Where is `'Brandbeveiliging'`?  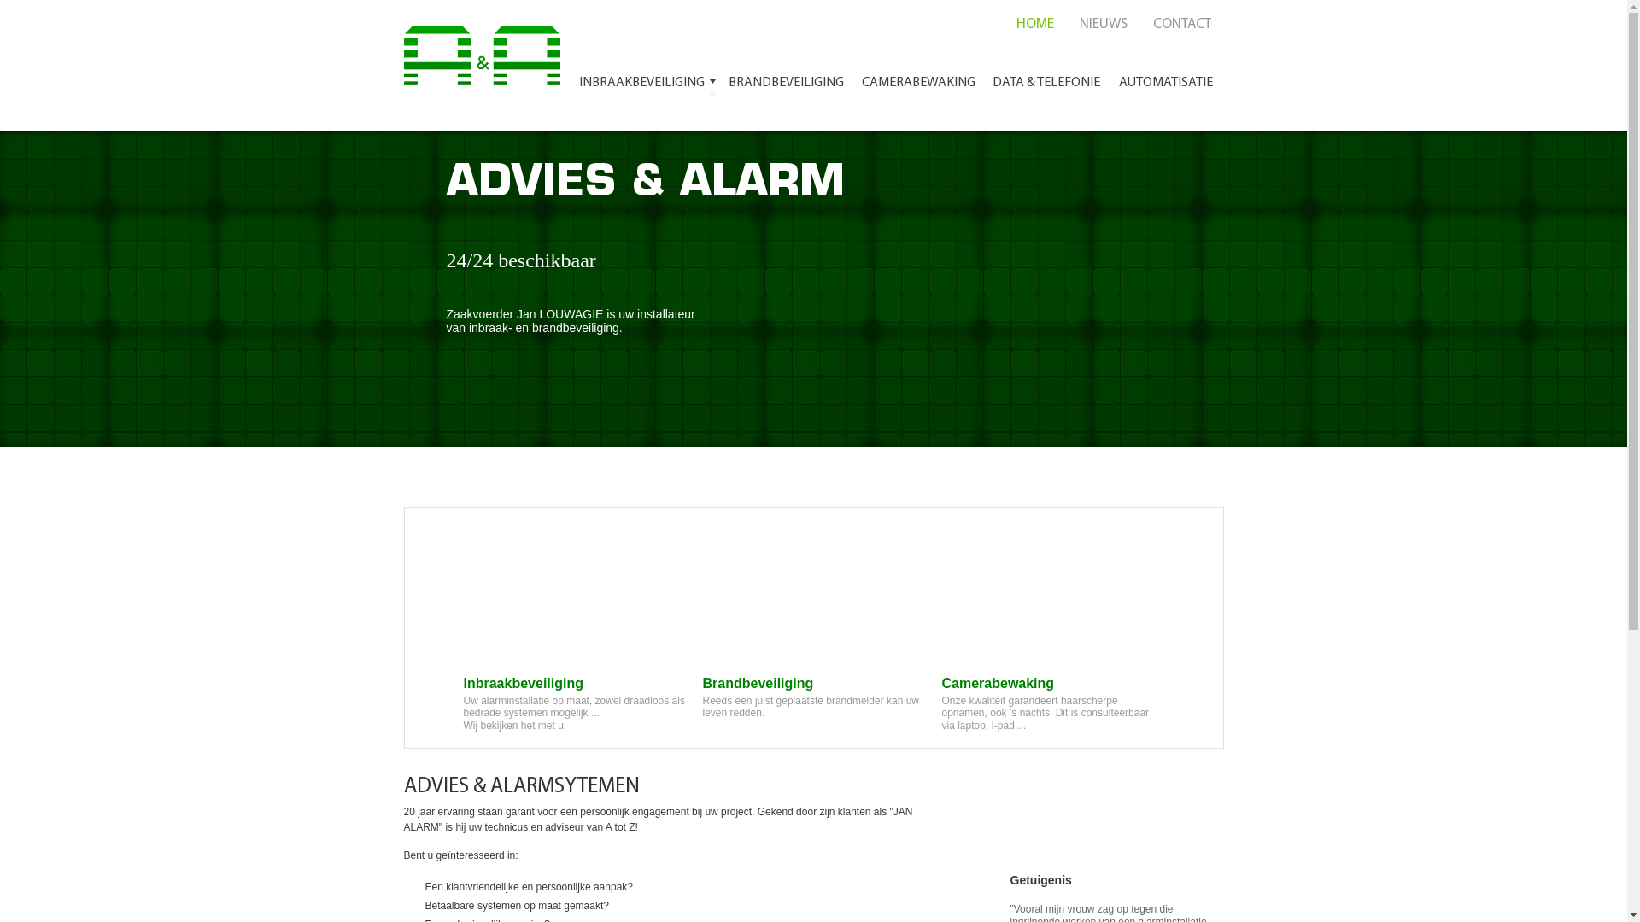
'Brandbeveiliging' is located at coordinates (811, 634).